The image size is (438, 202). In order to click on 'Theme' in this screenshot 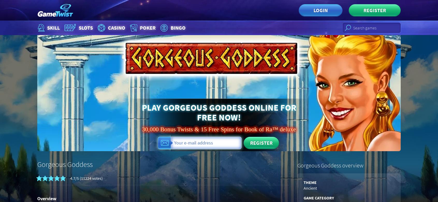, I will do `click(310, 182)`.